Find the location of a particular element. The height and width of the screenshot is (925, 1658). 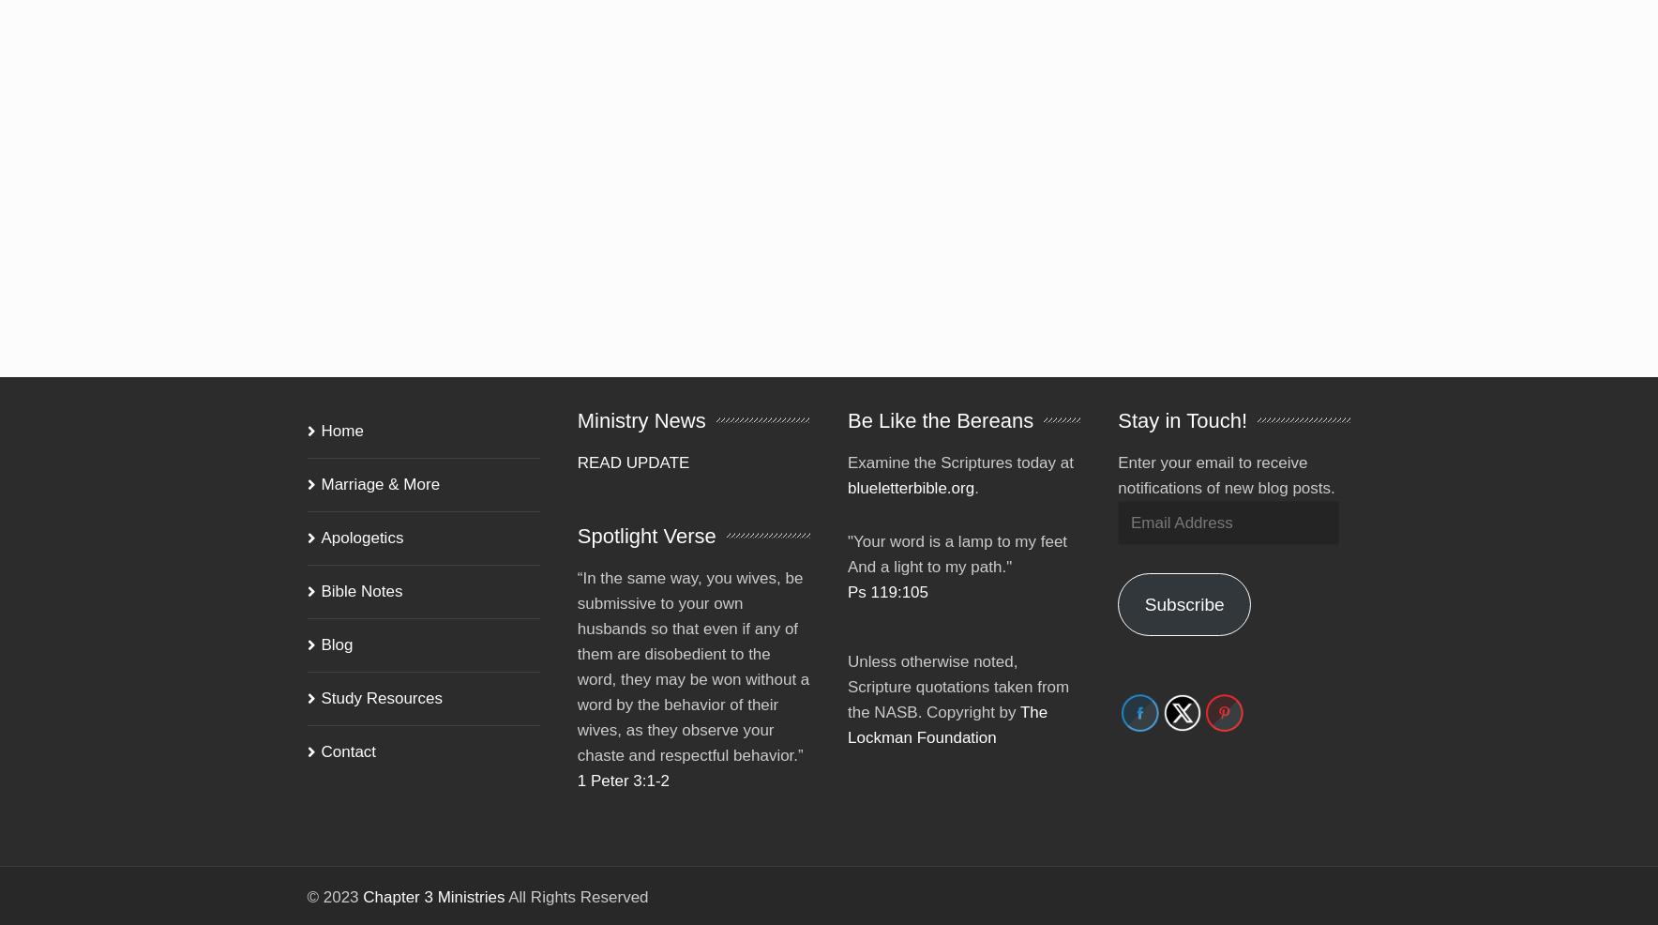

'"Your word is a lamp to my feet' is located at coordinates (957, 514).